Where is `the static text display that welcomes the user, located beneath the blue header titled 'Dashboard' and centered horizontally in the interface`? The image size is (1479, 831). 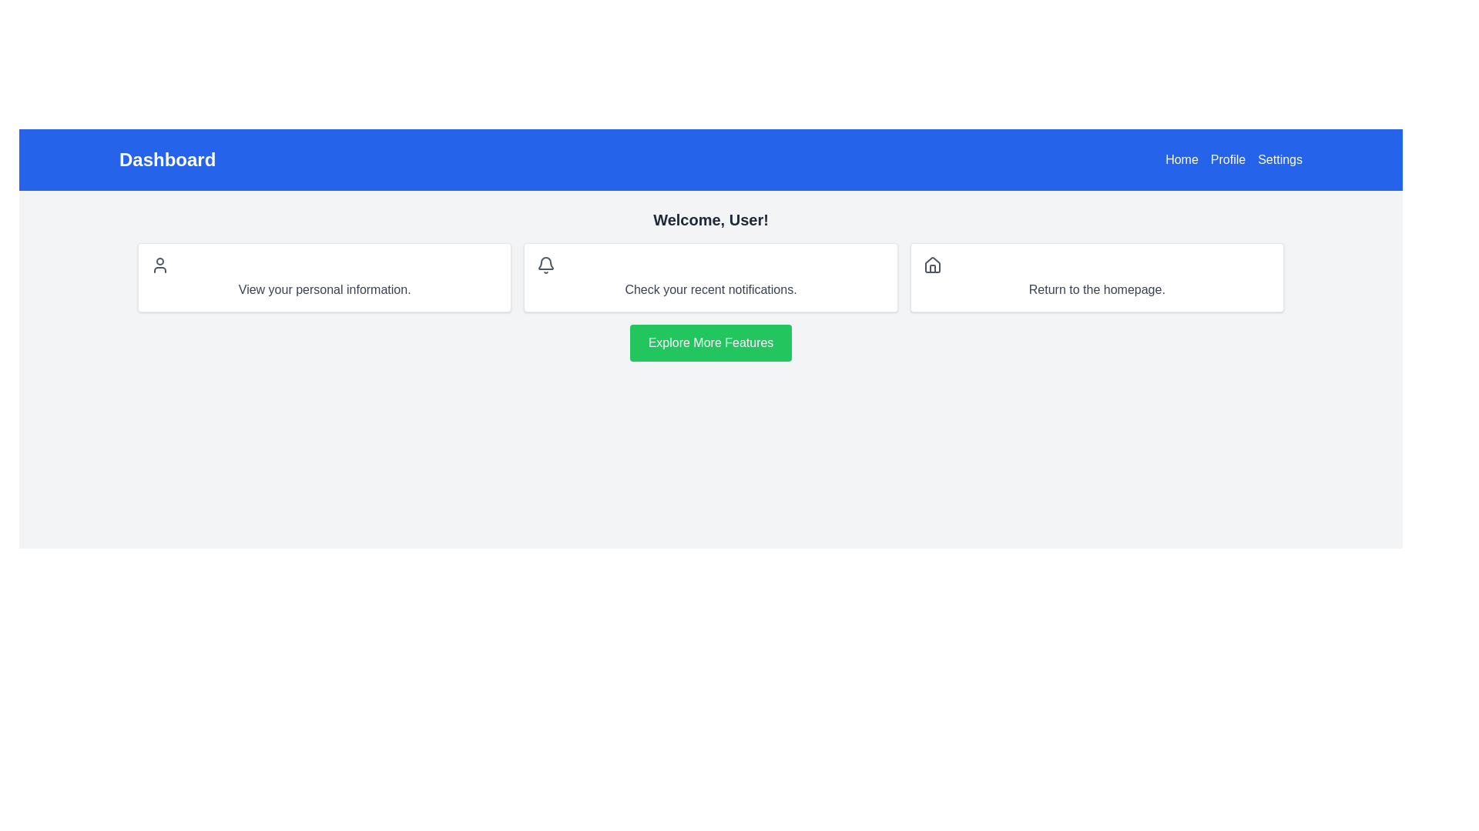
the static text display that welcomes the user, located beneath the blue header titled 'Dashboard' and centered horizontally in the interface is located at coordinates (709, 219).